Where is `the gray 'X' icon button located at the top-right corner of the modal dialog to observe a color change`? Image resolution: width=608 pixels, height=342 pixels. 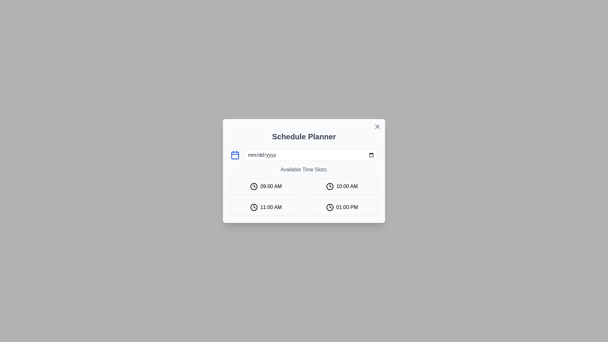
the gray 'X' icon button located at the top-right corner of the modal dialog to observe a color change is located at coordinates (377, 127).